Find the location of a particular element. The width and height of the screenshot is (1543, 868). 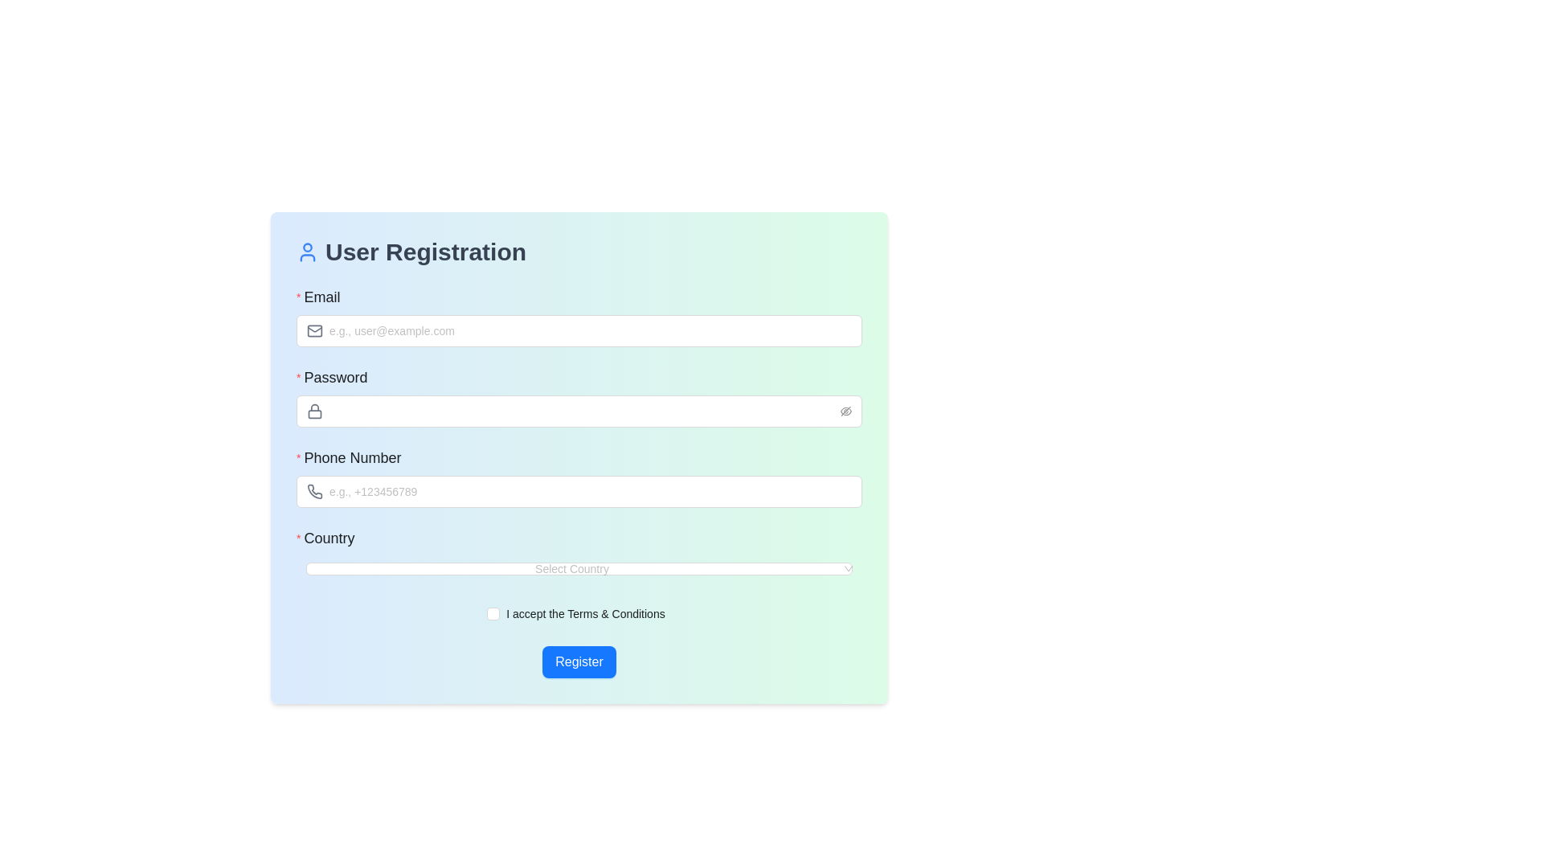

the 'Terms & Conditions' hyperlink in the checkbox label is located at coordinates (579, 613).